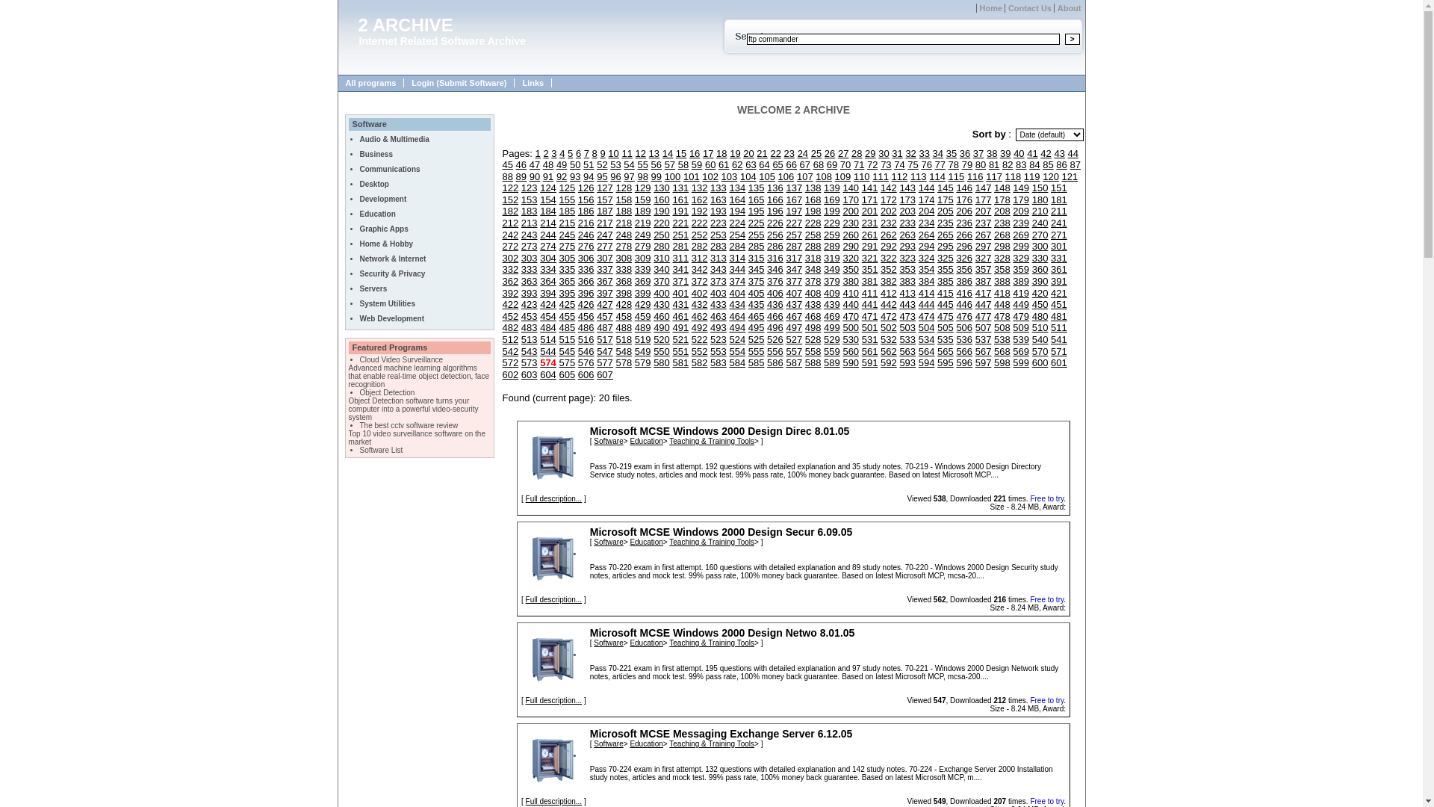  I want to click on '312', so click(691, 257).